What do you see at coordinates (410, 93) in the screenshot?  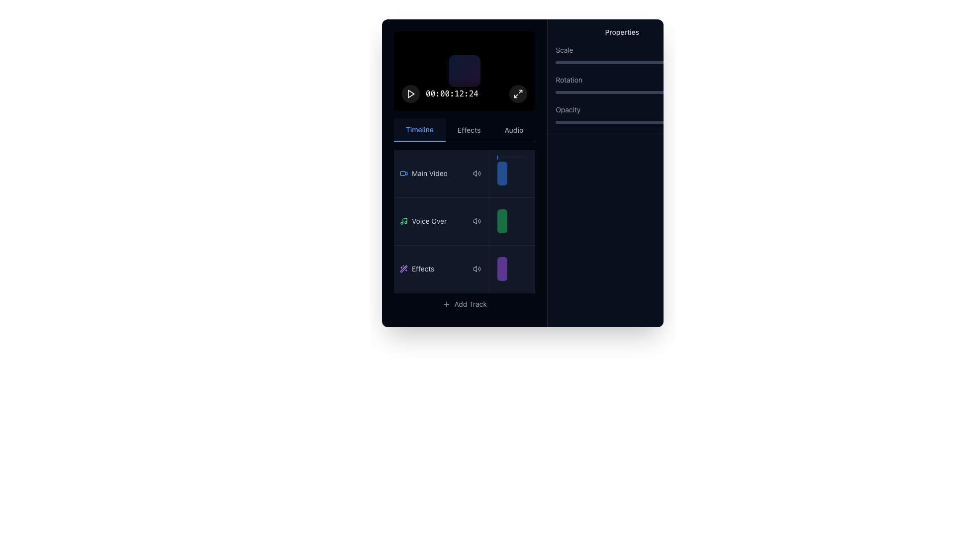 I see `the red circular Icon button located in the top-left section of the interface` at bounding box center [410, 93].